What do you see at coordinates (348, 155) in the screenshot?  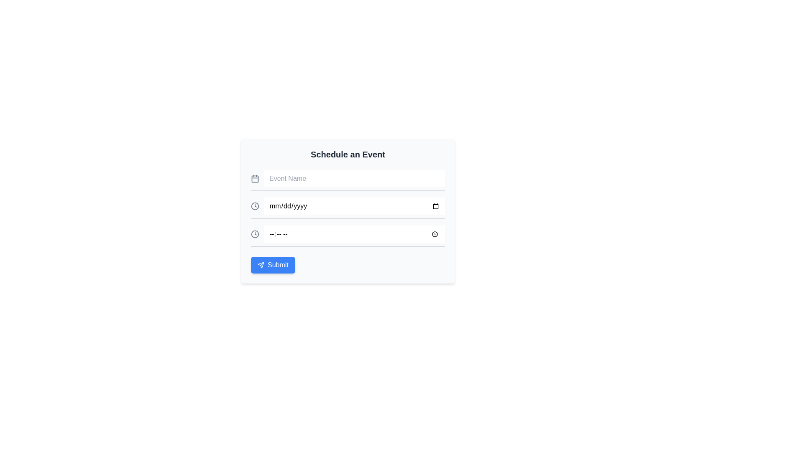 I see `title of the text-based heading styled in bold, larger size, and dark gray color, located at the top of the card-like element` at bounding box center [348, 155].